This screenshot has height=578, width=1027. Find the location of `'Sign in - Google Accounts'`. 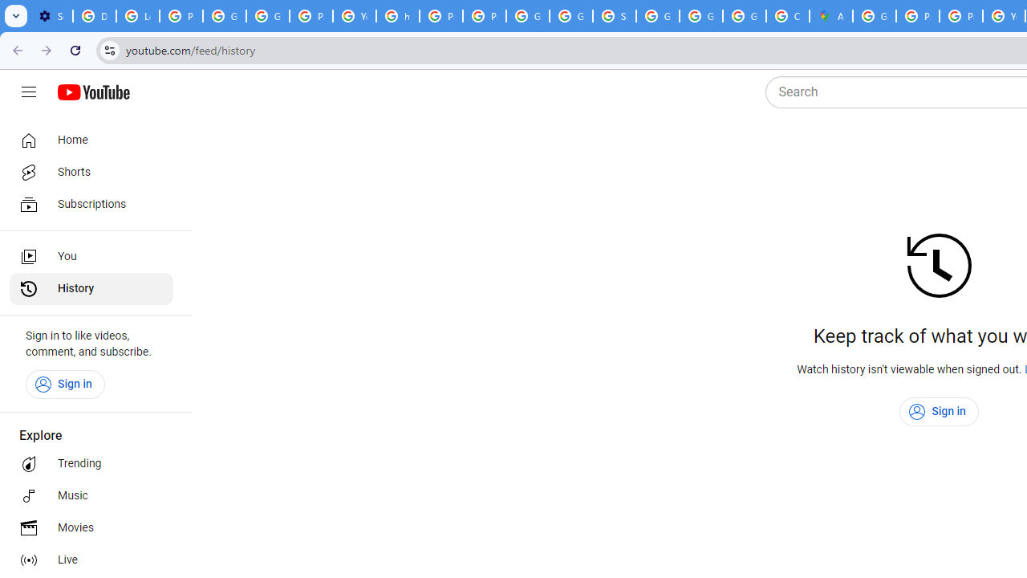

'Sign in - Google Accounts' is located at coordinates (614, 16).